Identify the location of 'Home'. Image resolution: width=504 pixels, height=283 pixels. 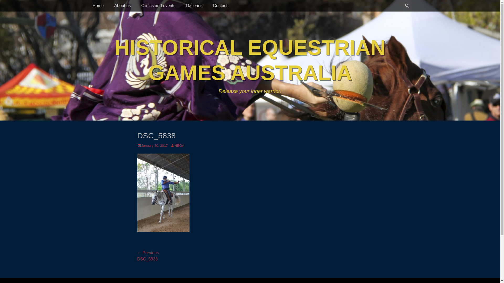
(98, 6).